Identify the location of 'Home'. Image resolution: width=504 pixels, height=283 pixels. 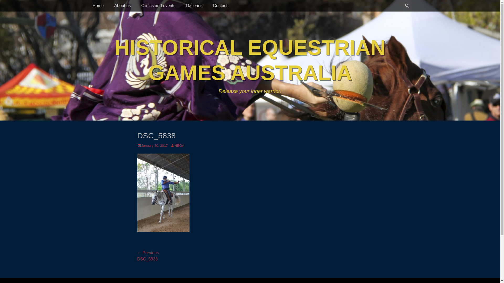
(98, 6).